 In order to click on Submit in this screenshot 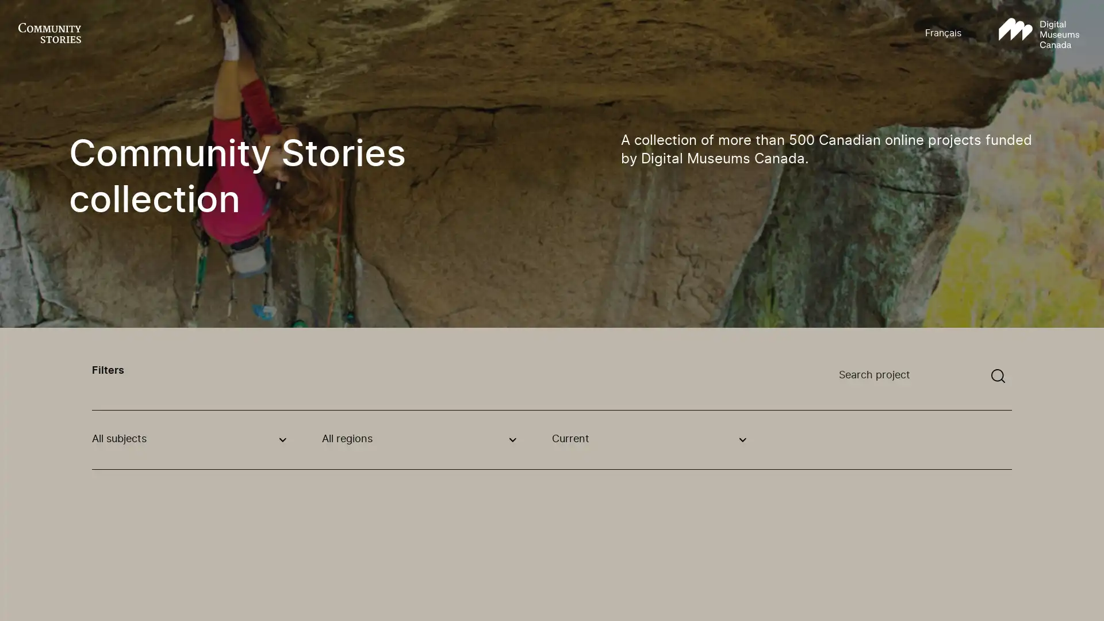, I will do `click(998, 376)`.